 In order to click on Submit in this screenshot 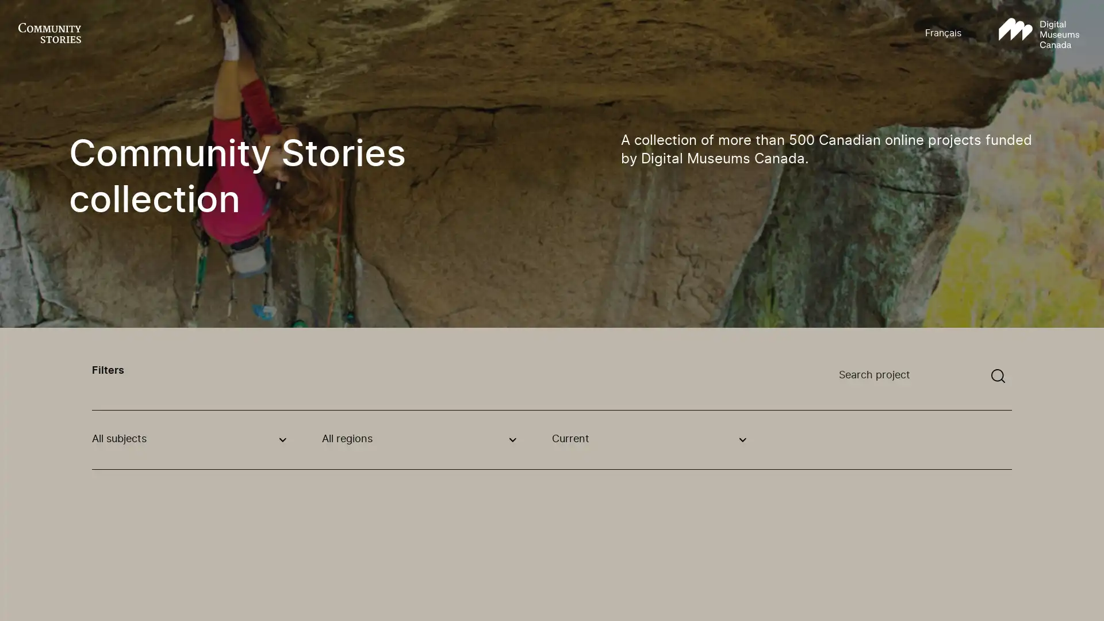, I will do `click(998, 376)`.